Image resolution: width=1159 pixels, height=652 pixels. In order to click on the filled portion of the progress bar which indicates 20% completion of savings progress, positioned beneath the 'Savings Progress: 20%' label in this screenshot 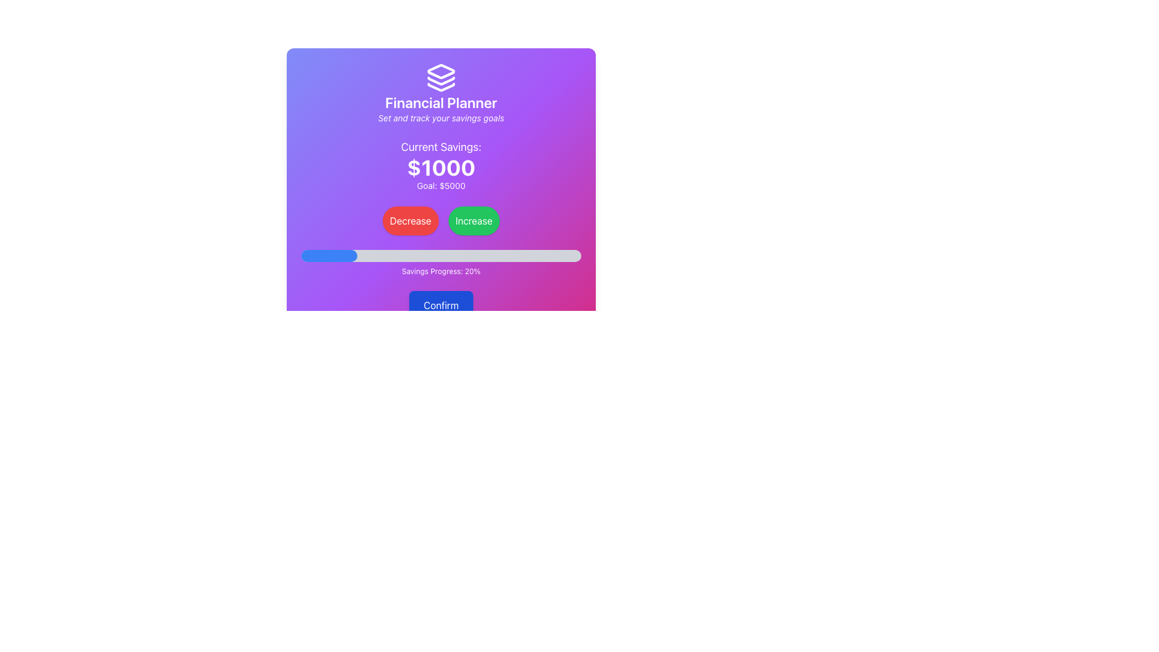, I will do `click(329, 255)`.